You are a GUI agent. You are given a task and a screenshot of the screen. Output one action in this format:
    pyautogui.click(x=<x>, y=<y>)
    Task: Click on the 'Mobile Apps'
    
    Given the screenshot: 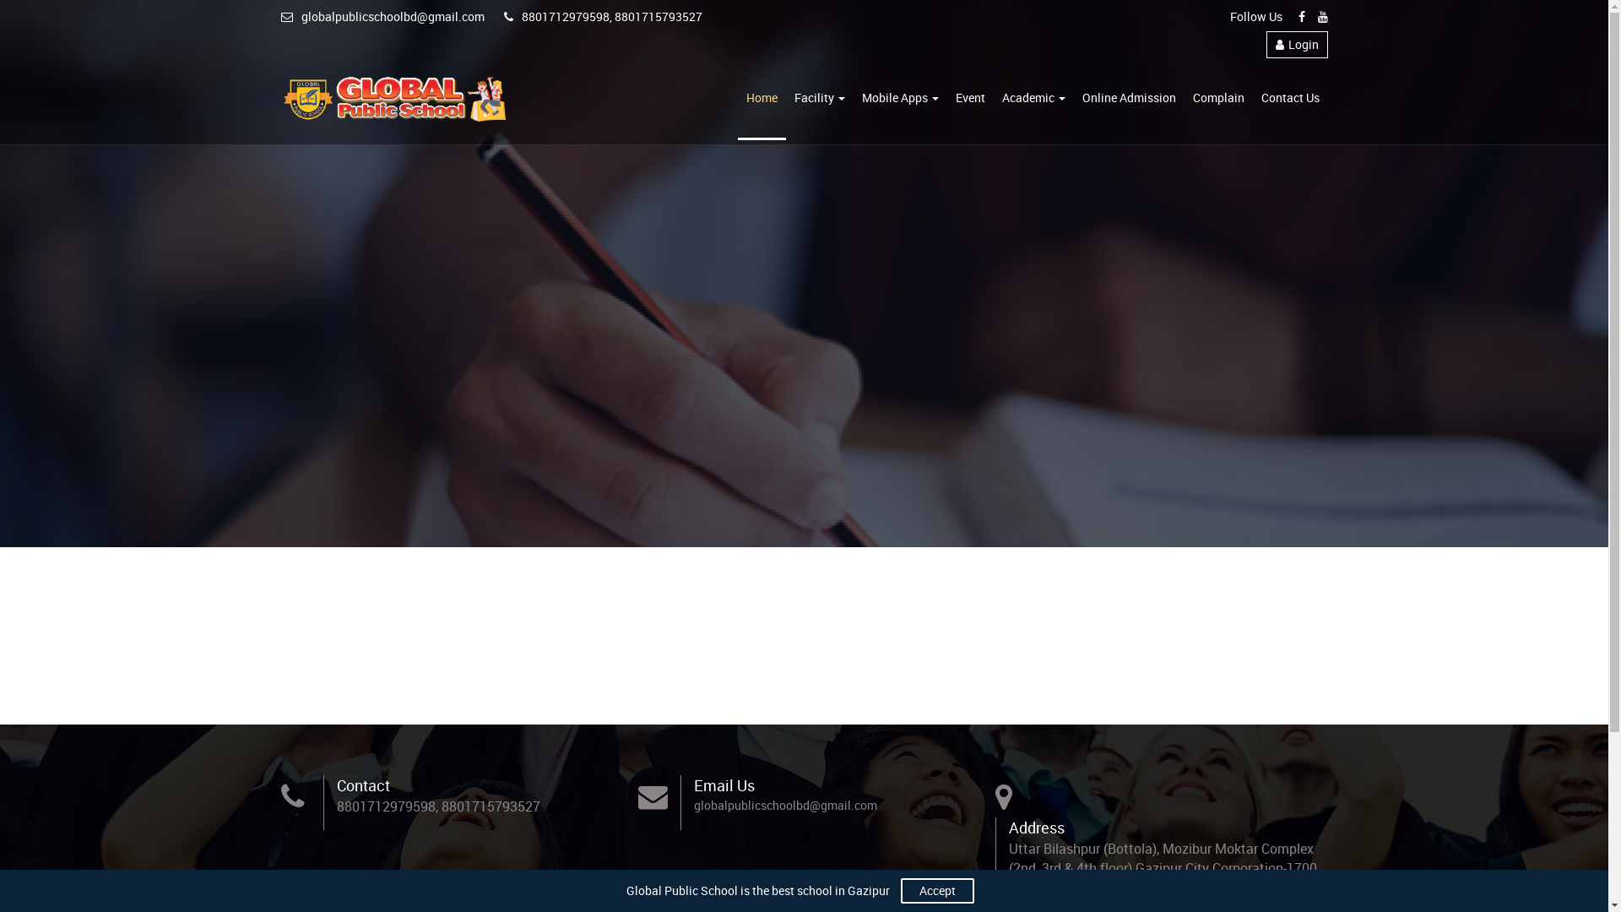 What is the action you would take?
    pyautogui.click(x=852, y=99)
    